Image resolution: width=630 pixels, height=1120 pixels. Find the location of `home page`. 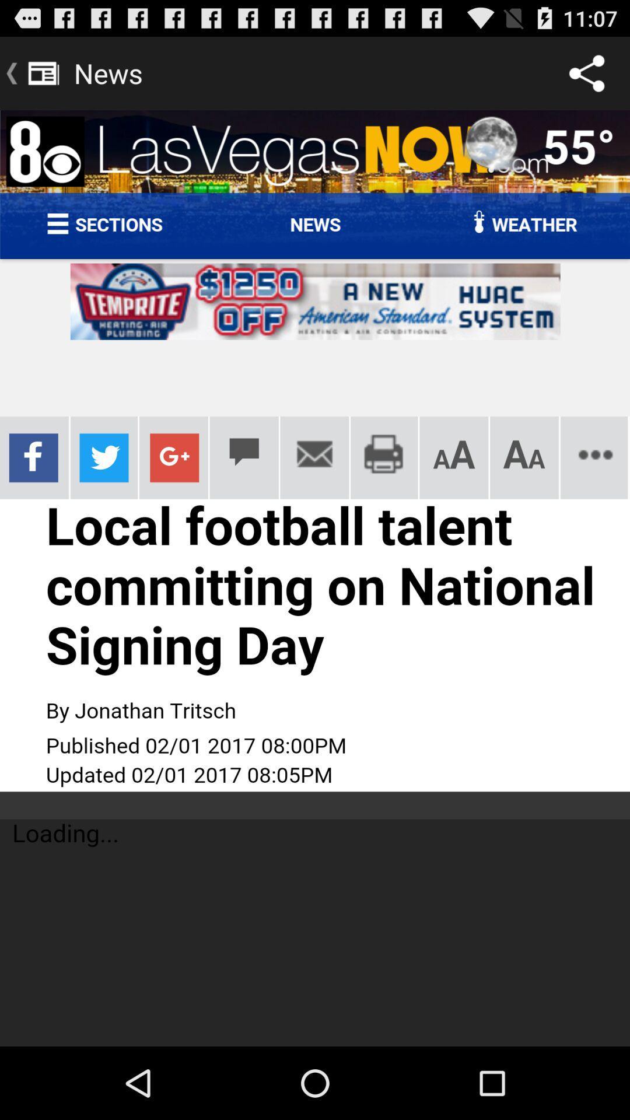

home page is located at coordinates (315, 578).